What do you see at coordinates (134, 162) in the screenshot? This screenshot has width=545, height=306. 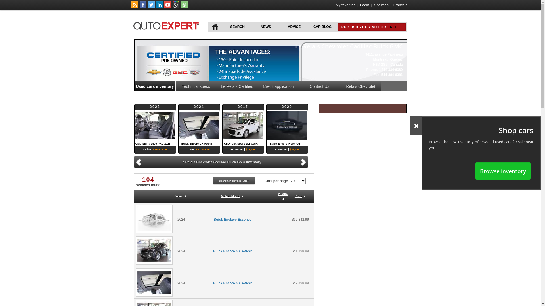 I see `'Previous'` at bounding box center [134, 162].